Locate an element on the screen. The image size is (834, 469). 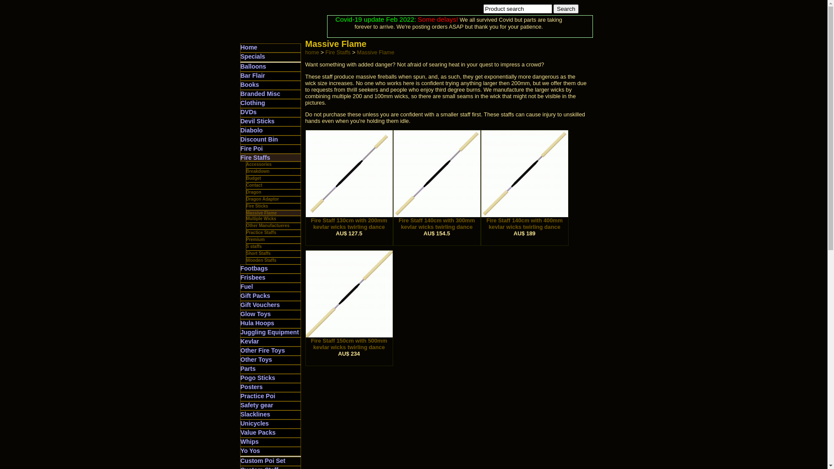
'Product search' is located at coordinates (517, 9).